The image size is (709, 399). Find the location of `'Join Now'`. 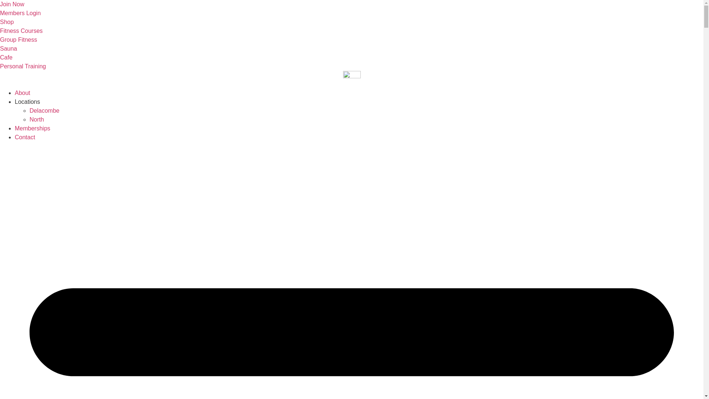

'Join Now' is located at coordinates (12, 4).